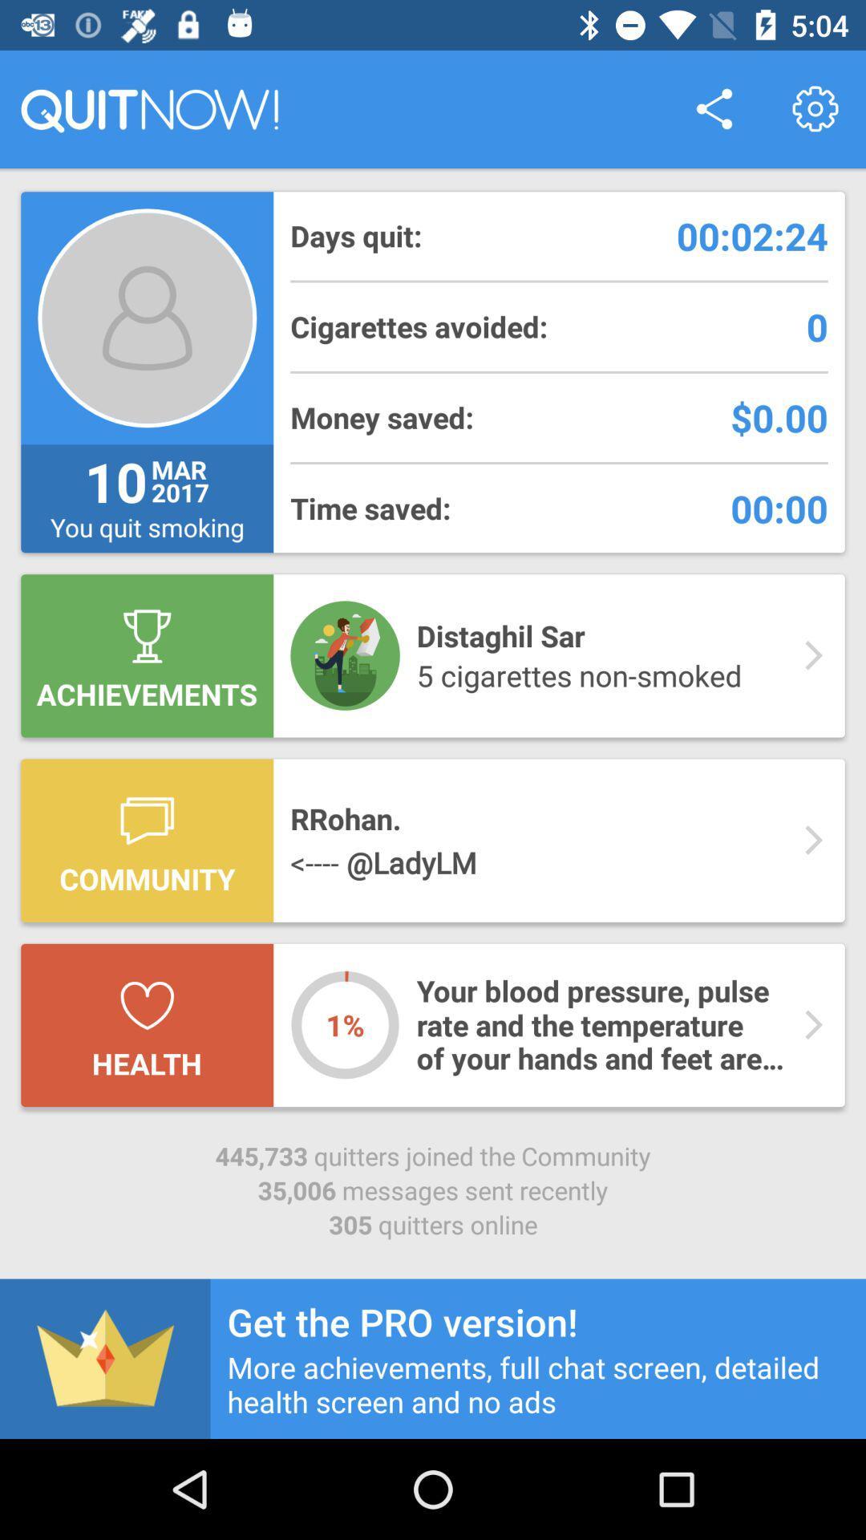  I want to click on the share icon, so click(714, 108).